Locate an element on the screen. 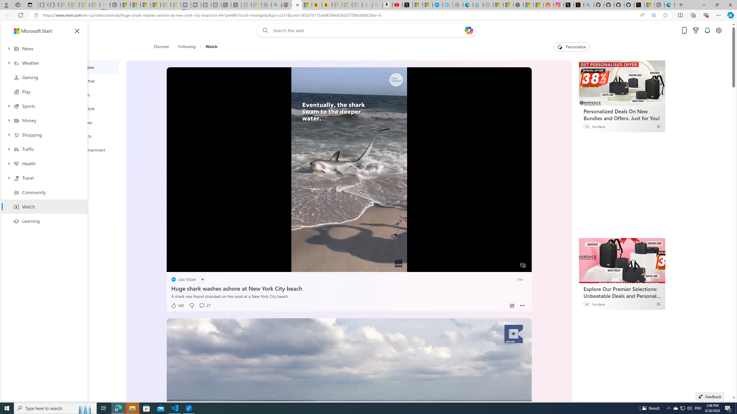 The image size is (737, 414). 'More' is located at coordinates (522, 305).